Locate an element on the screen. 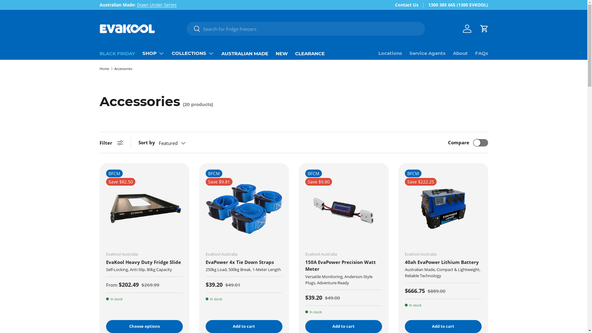 The width and height of the screenshot is (592, 333). 'EvaPower 4x Tie Down Straps' is located at coordinates (239, 262).